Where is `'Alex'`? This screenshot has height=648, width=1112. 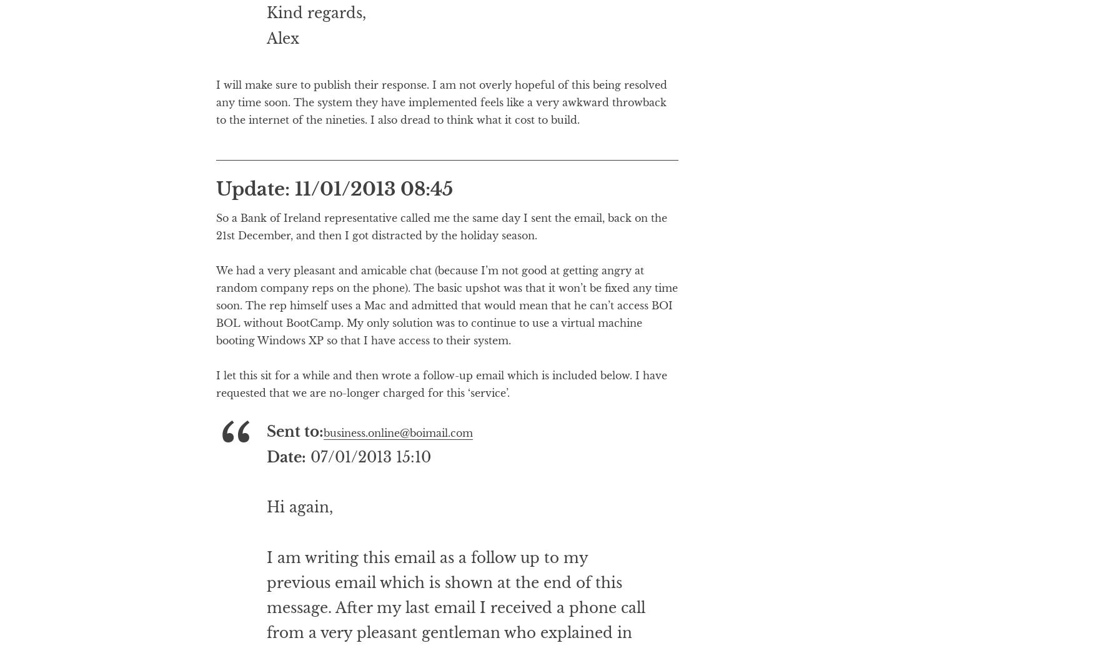
'Alex' is located at coordinates (282, 87).